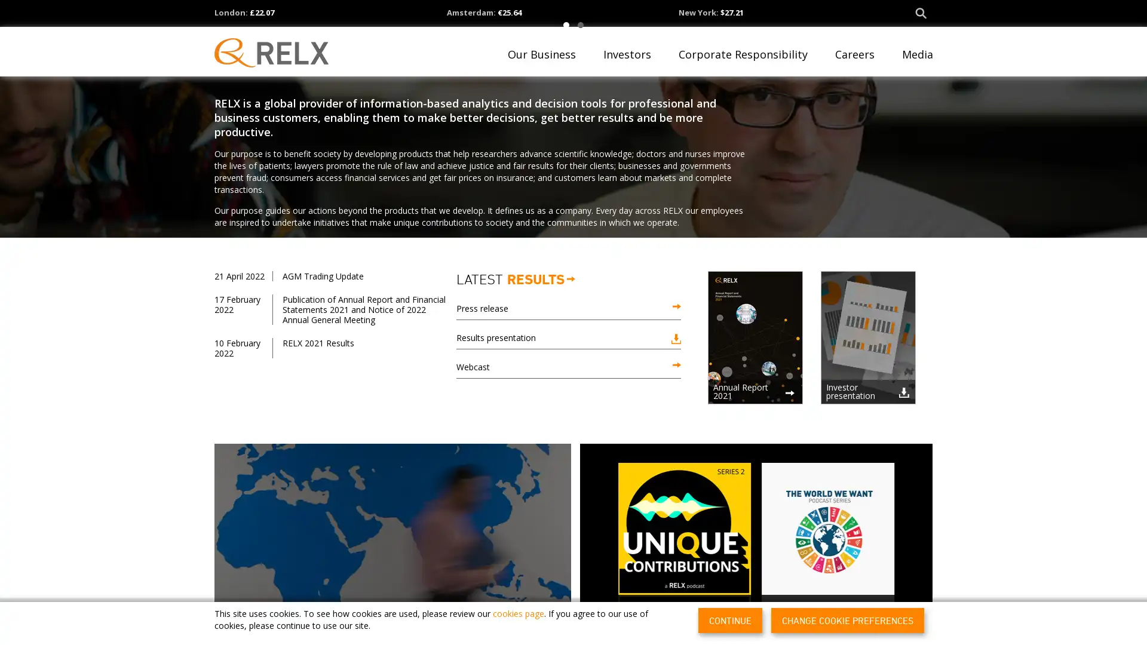  What do you see at coordinates (566, 25) in the screenshot?
I see `1` at bounding box center [566, 25].